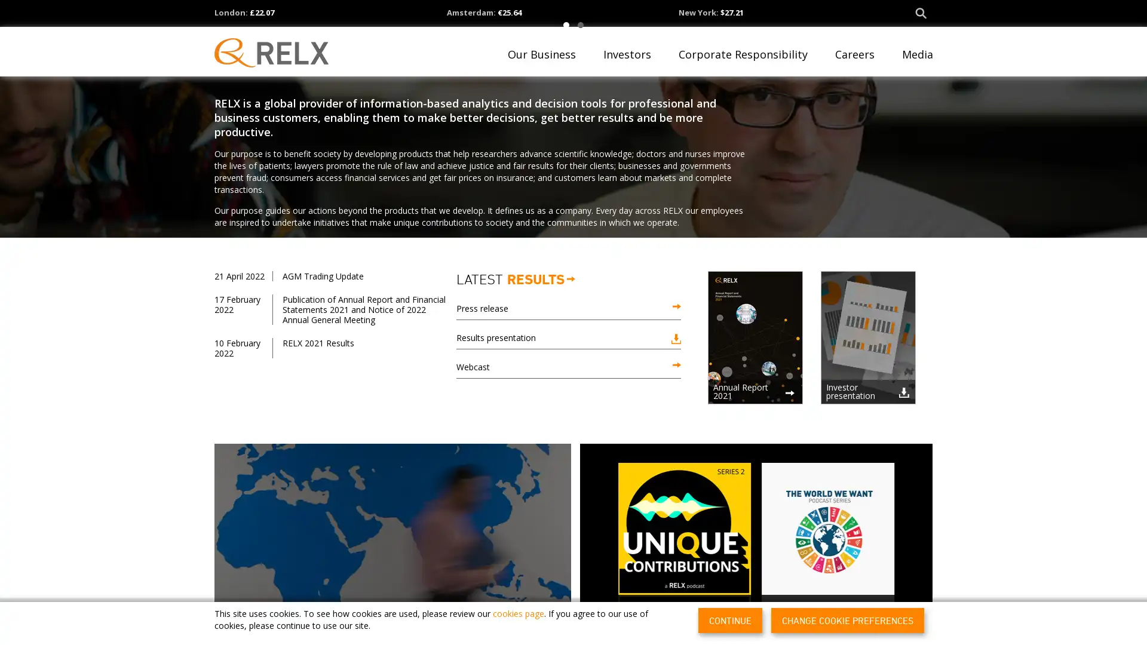  What do you see at coordinates (566, 25) in the screenshot?
I see `1` at bounding box center [566, 25].